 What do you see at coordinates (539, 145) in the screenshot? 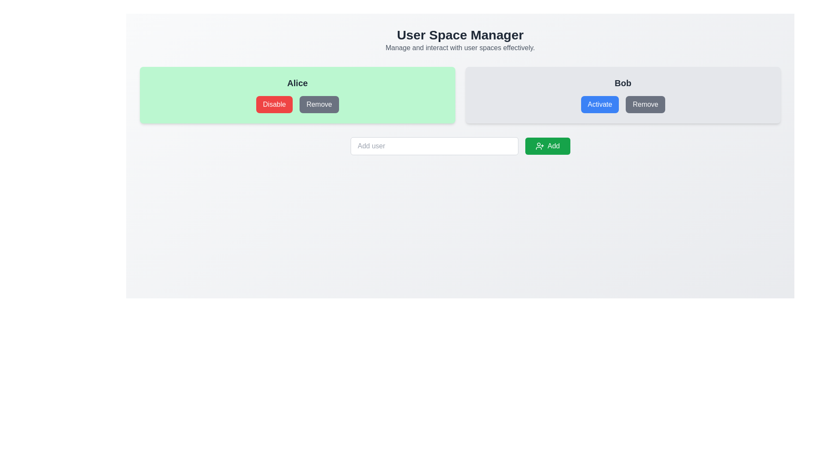
I see `the green button labeled 'Add' that contains the user icon with a plus sign` at bounding box center [539, 145].